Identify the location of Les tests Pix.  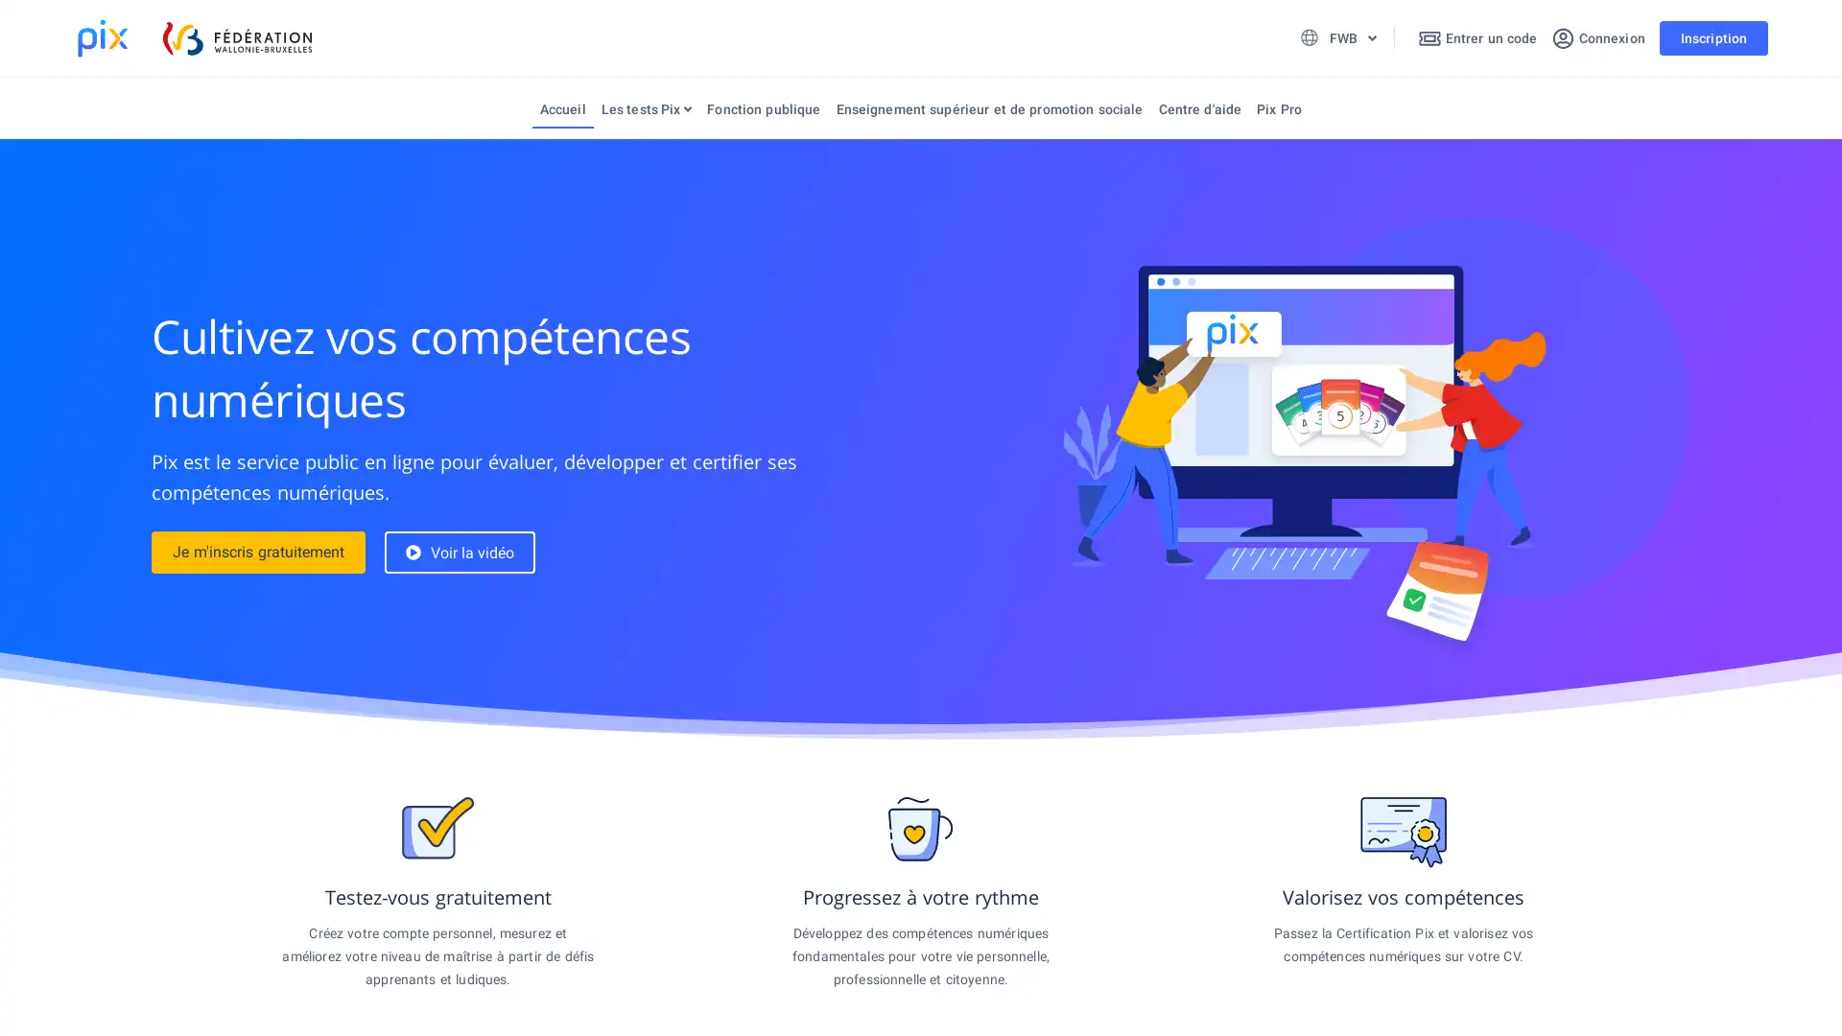
(646, 113).